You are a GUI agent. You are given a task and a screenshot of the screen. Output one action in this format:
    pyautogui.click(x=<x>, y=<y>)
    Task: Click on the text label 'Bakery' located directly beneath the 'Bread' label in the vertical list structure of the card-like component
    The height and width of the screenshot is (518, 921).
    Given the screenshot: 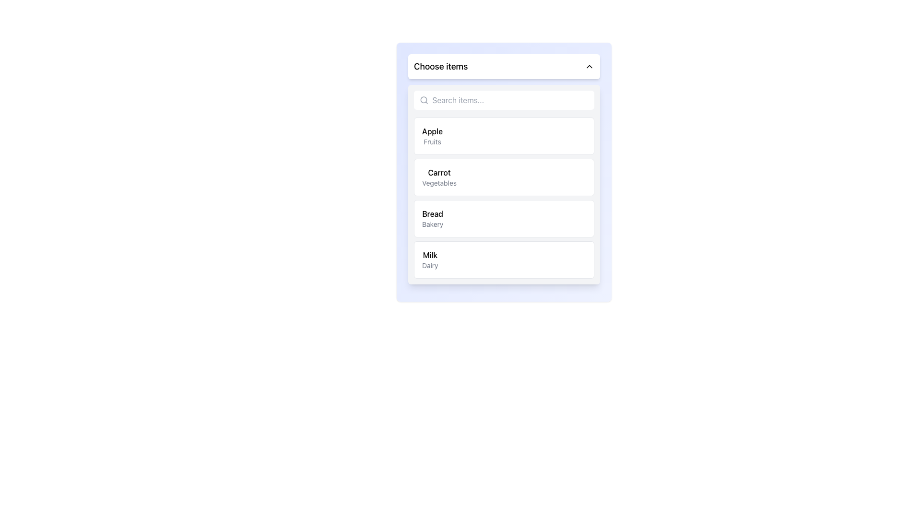 What is the action you would take?
    pyautogui.click(x=432, y=224)
    